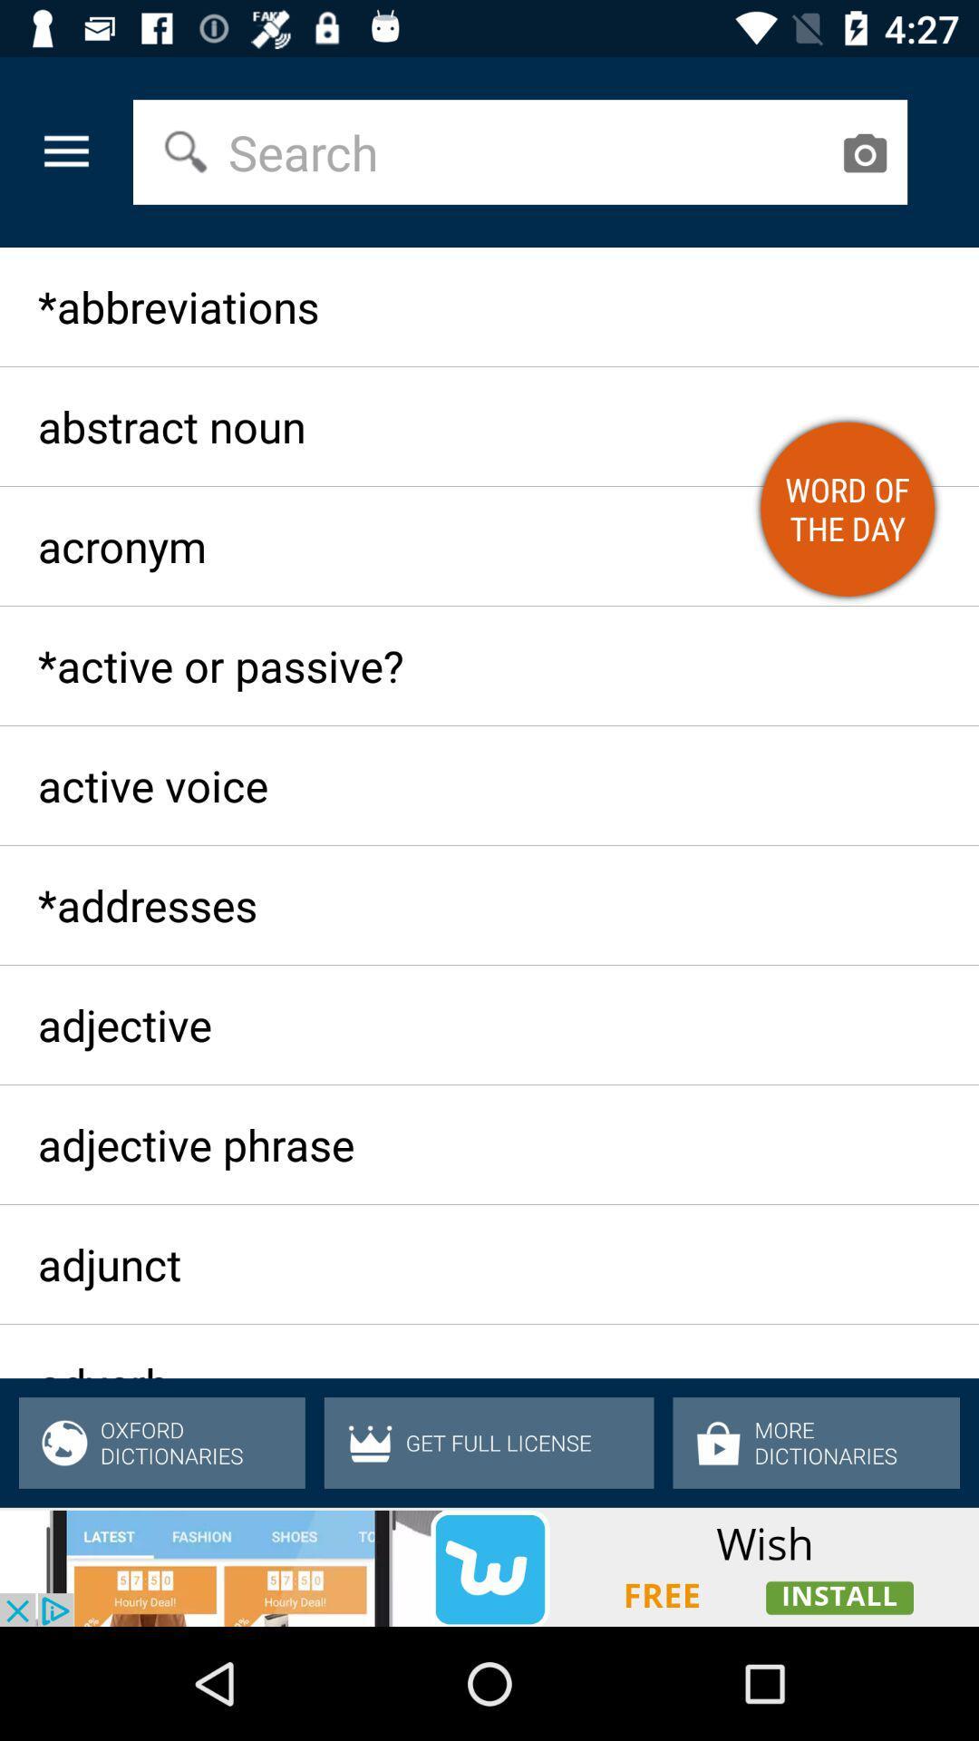  Describe the element at coordinates (489, 1566) in the screenshot. I see `free add` at that location.